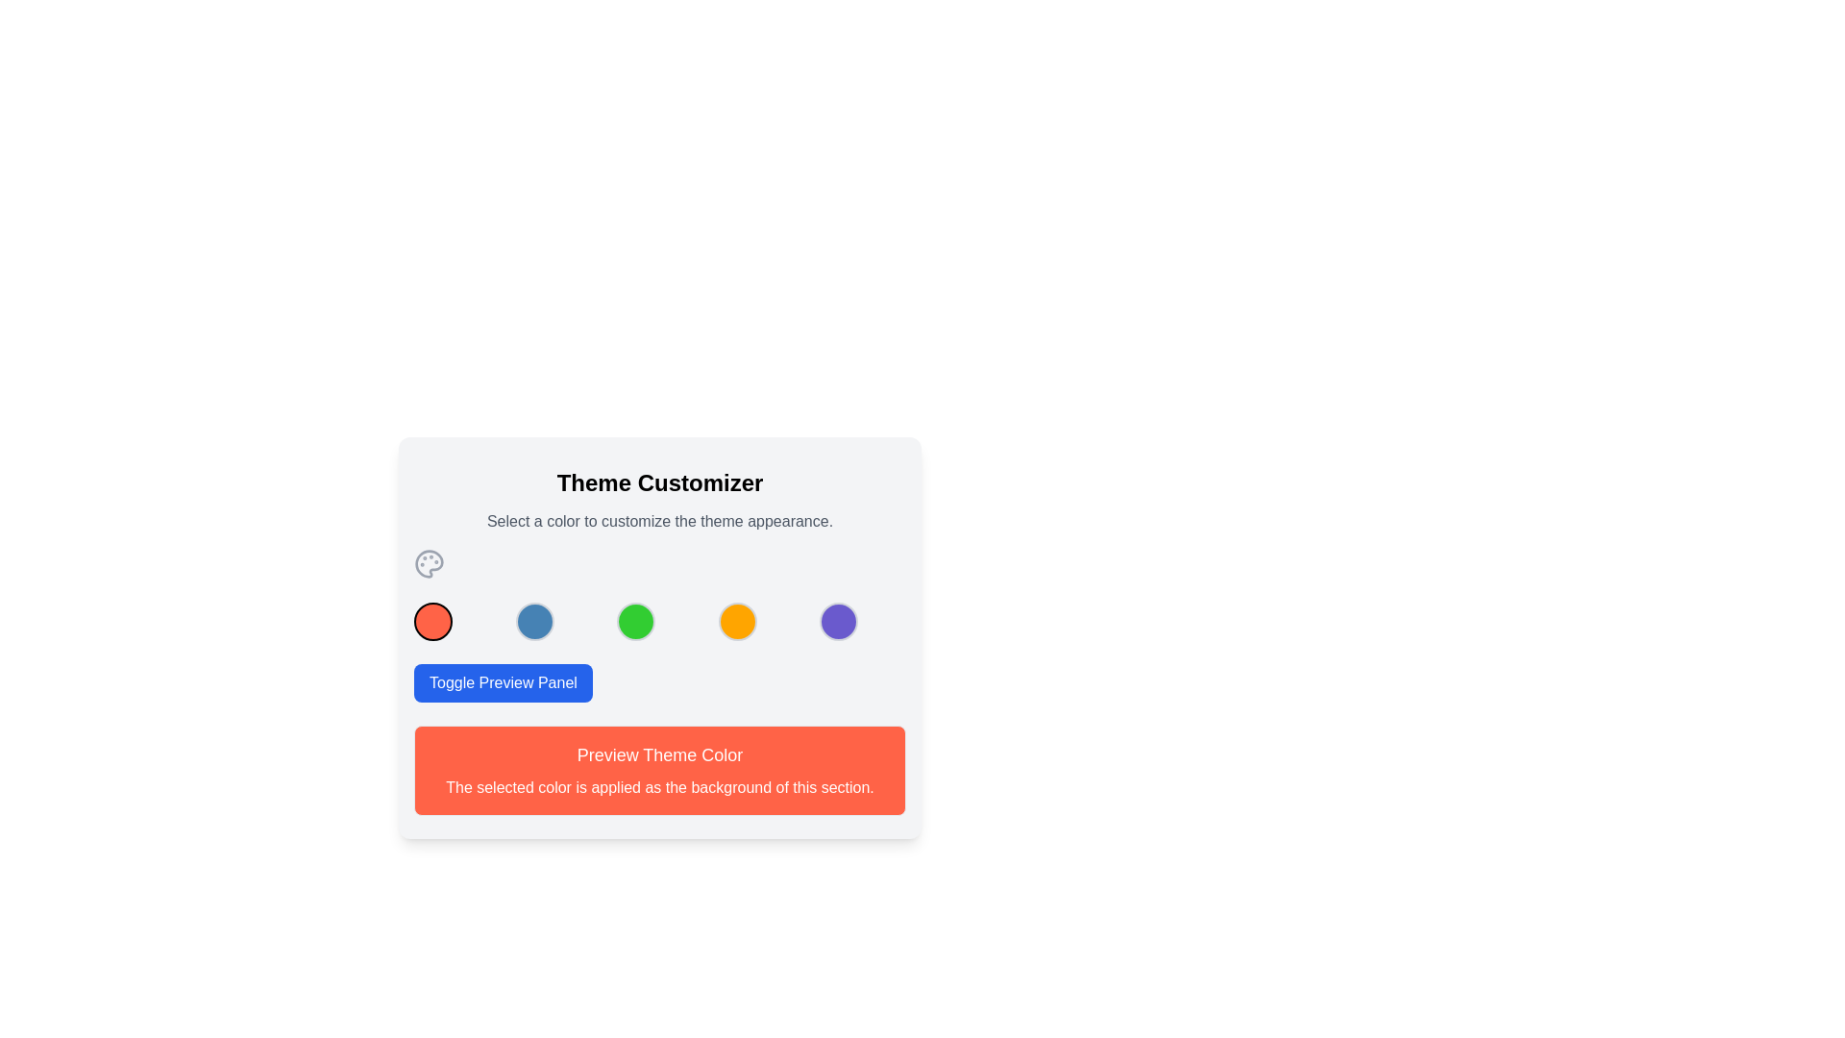  What do you see at coordinates (432, 622) in the screenshot?
I see `the first circular selectable color option button, which has a vibrant orange-red background and a black border` at bounding box center [432, 622].